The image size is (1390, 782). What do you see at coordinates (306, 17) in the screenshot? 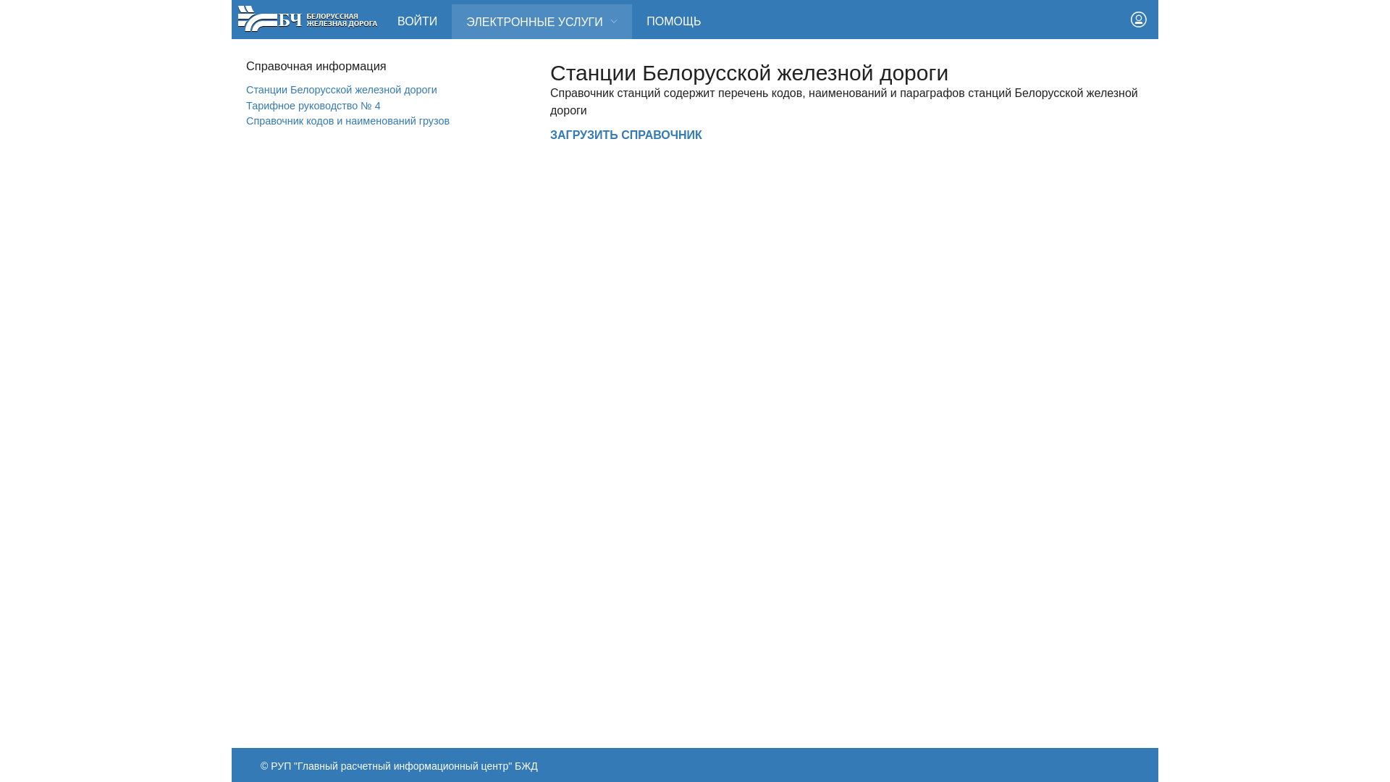
I see `'RW Logo'` at bounding box center [306, 17].